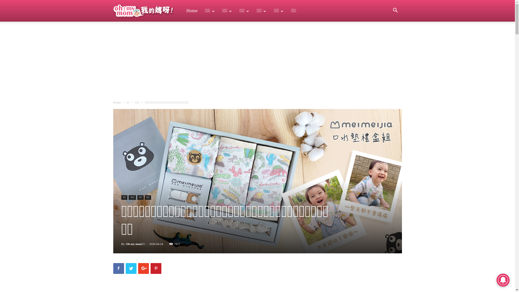 This screenshot has width=519, height=292. Describe the element at coordinates (387, 36) in the screenshot. I see `'Search'` at that location.